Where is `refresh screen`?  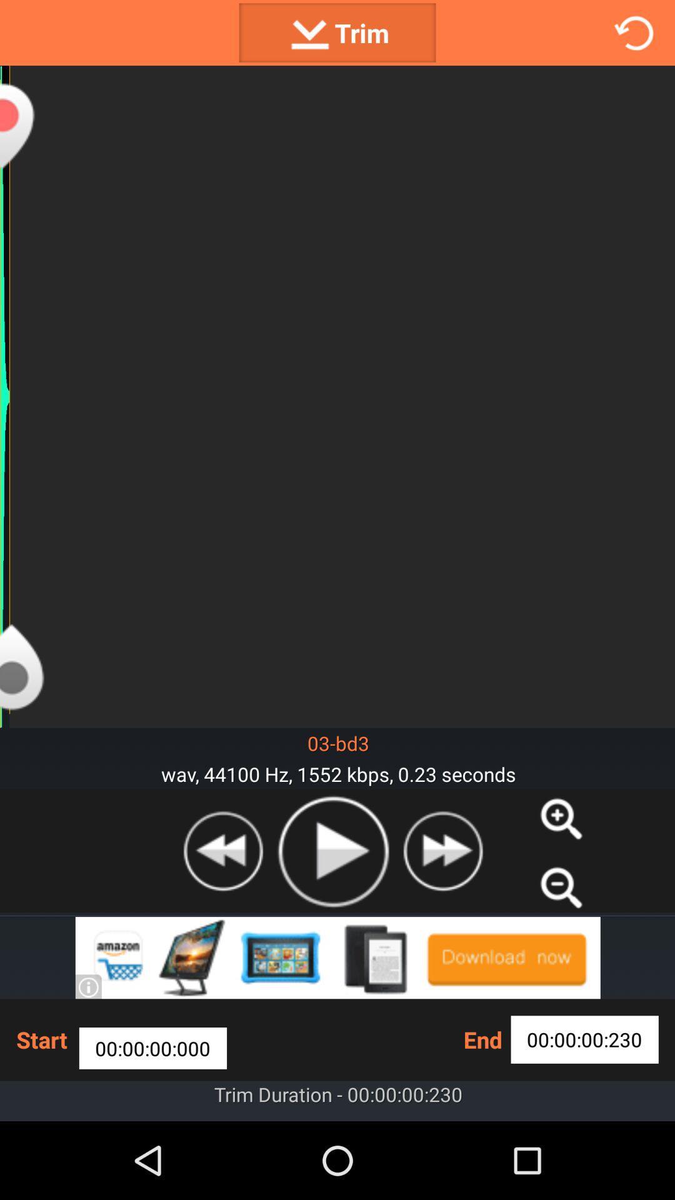 refresh screen is located at coordinates (634, 32).